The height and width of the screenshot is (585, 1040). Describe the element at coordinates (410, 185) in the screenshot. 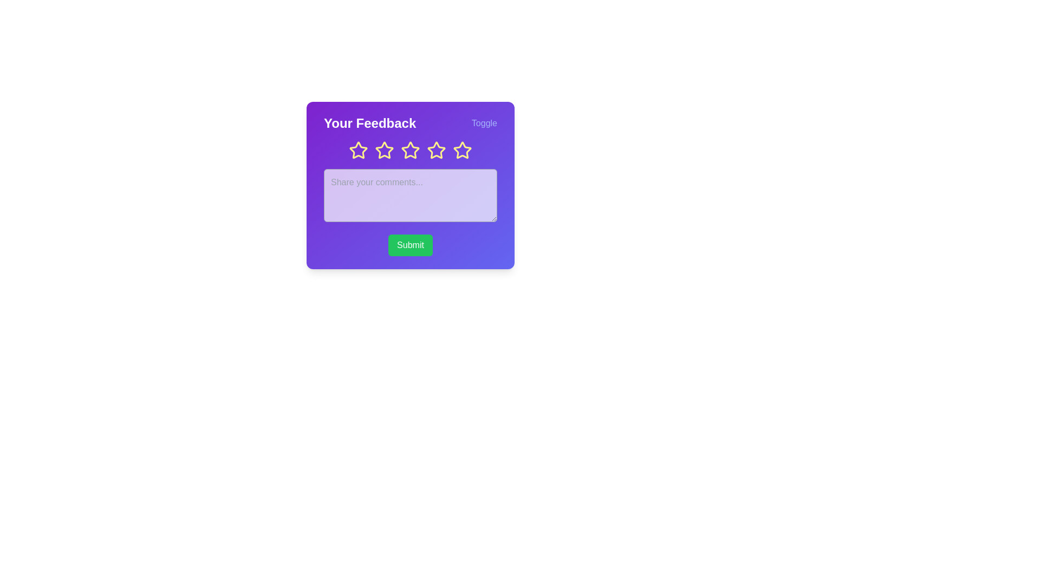

I see `the text input area for feedback, which is centered below the star icons and above the 'Submit' button` at that location.